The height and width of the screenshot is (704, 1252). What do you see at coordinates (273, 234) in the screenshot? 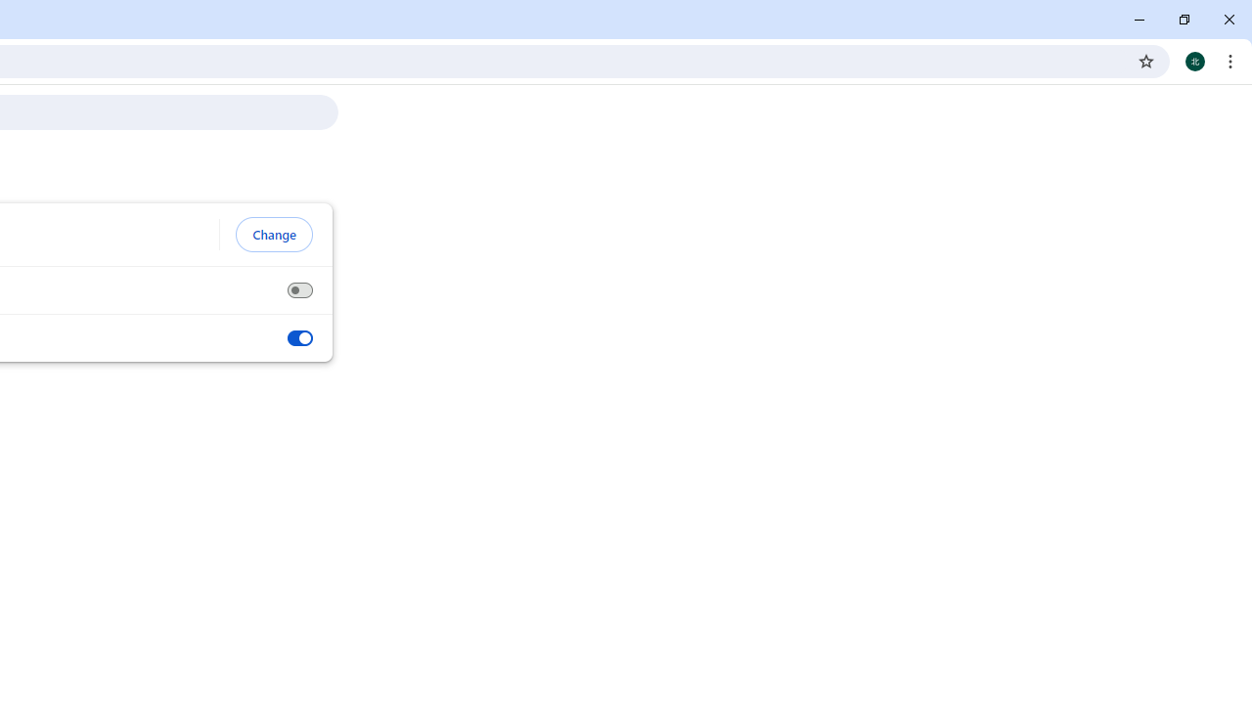
I see `'Change'` at bounding box center [273, 234].